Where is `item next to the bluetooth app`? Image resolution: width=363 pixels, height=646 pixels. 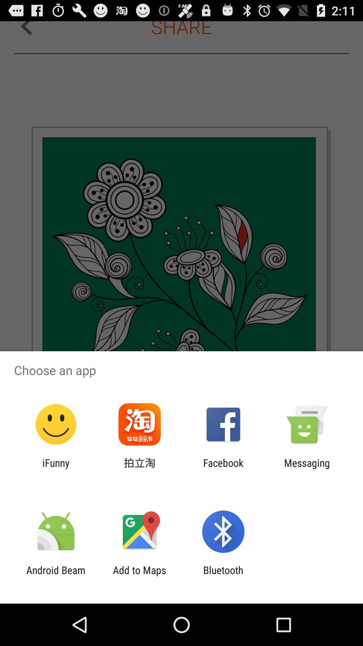
item next to the bluetooth app is located at coordinates (139, 576).